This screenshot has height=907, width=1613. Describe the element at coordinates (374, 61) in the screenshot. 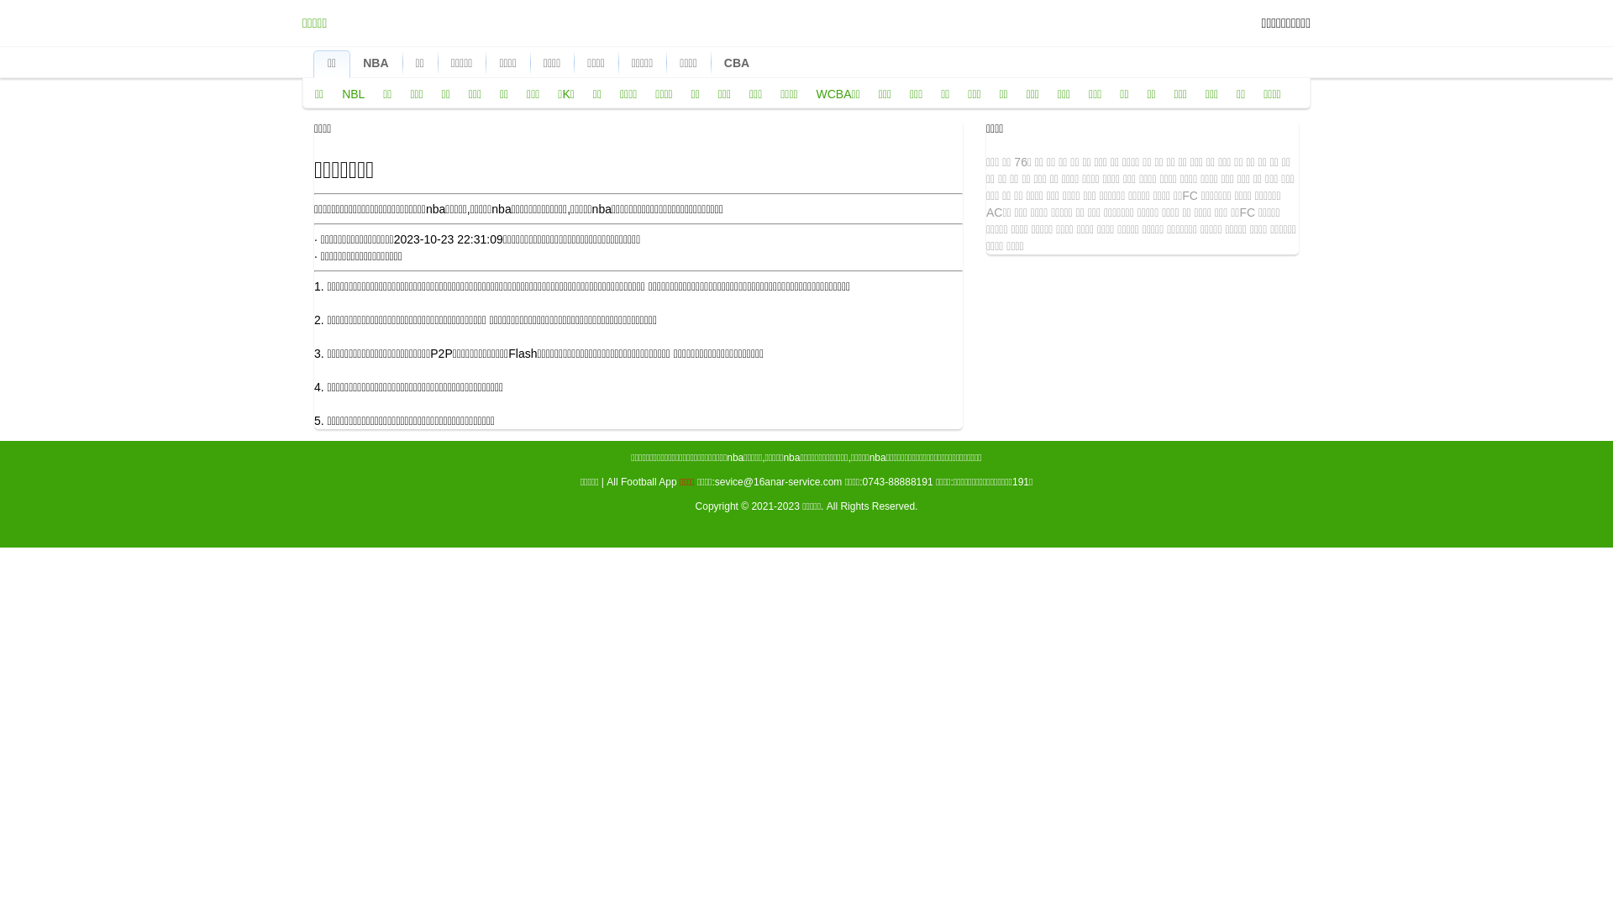

I see `'NBA'` at that location.